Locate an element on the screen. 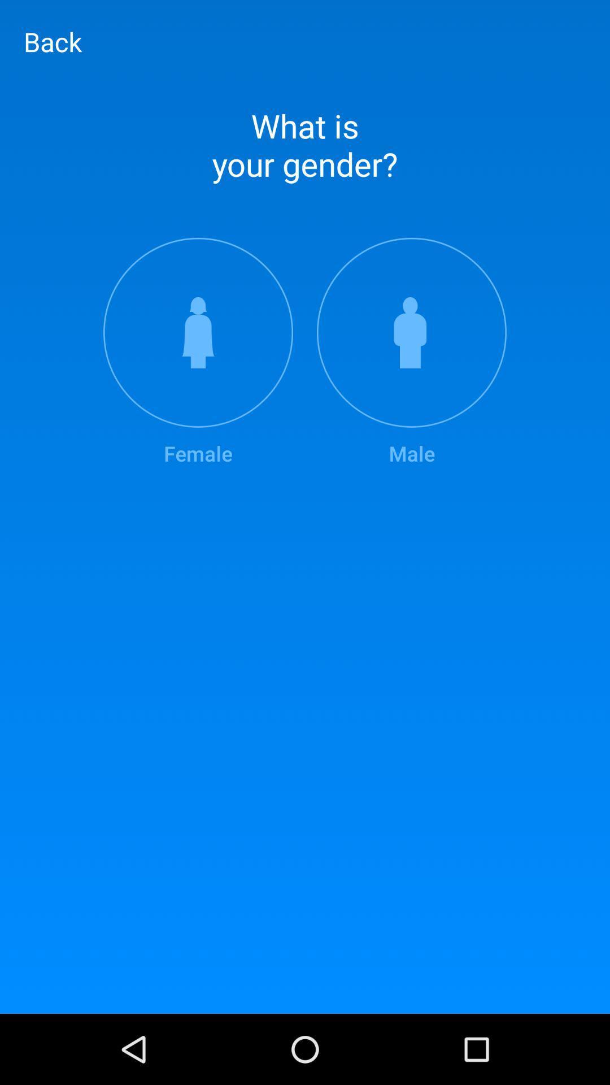 The height and width of the screenshot is (1085, 610). the icon next to the female item is located at coordinates (412, 352).